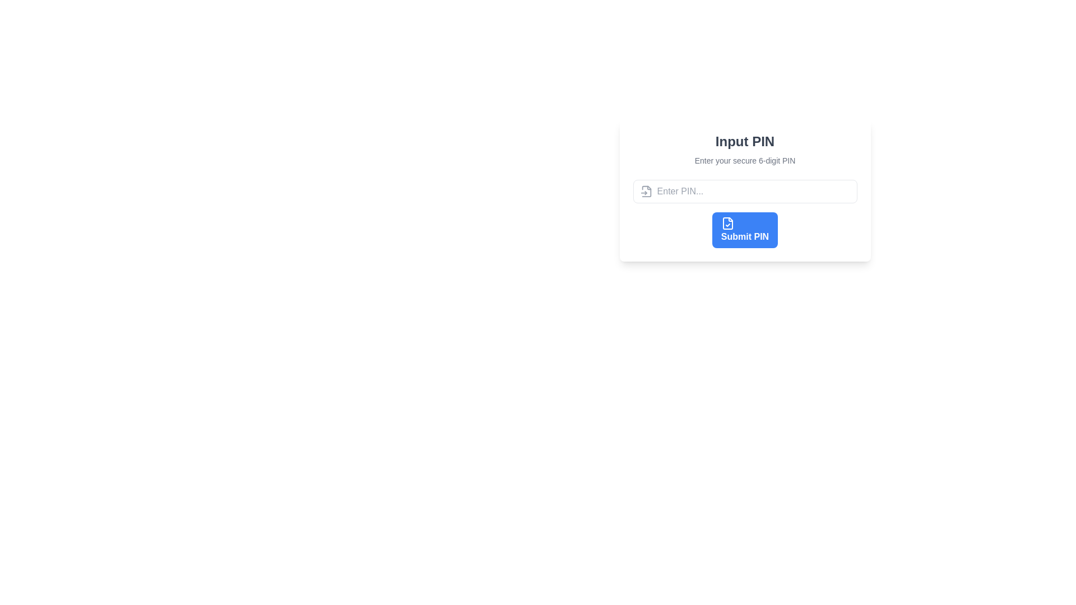 Image resolution: width=1076 pixels, height=605 pixels. Describe the element at coordinates (745, 230) in the screenshot. I see `the submit button located at the bottom of the vertical group layout` at that location.